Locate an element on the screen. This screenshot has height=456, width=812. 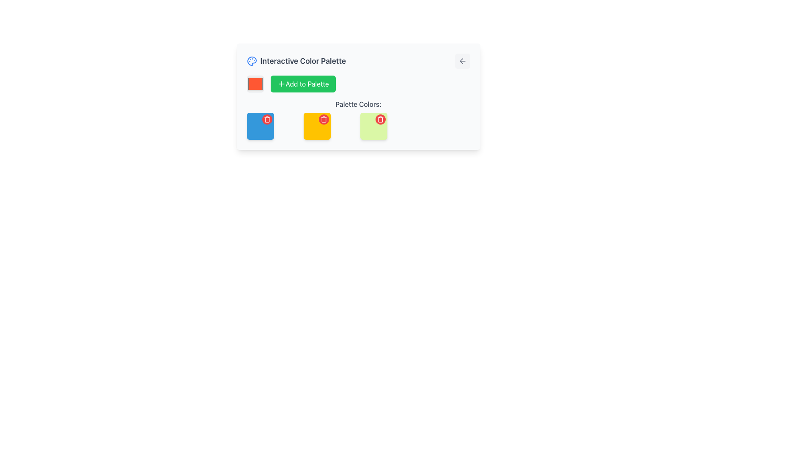
the green 'Add is located at coordinates (358, 84).